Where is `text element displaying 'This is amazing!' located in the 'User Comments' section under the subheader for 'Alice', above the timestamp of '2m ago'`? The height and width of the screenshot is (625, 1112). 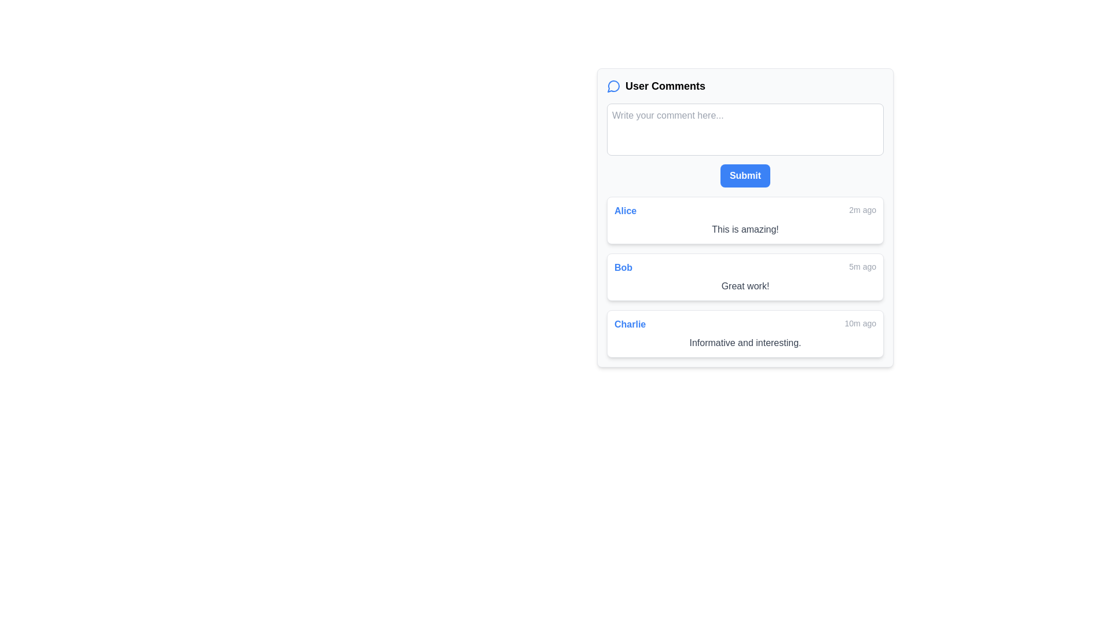
text element displaying 'This is amazing!' located in the 'User Comments' section under the subheader for 'Alice', above the timestamp of '2m ago' is located at coordinates (745, 230).